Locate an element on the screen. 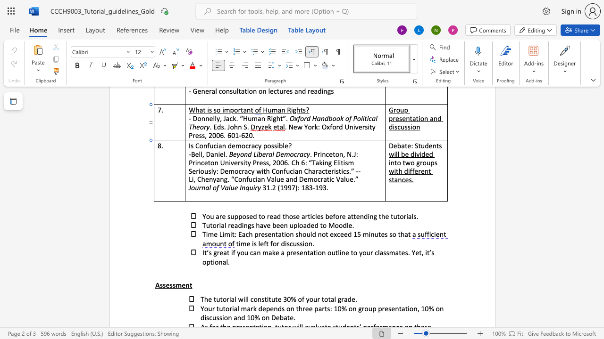 This screenshot has width=604, height=339. the space between the continuous character "h" and "a" in the text is located at coordinates (260, 225).